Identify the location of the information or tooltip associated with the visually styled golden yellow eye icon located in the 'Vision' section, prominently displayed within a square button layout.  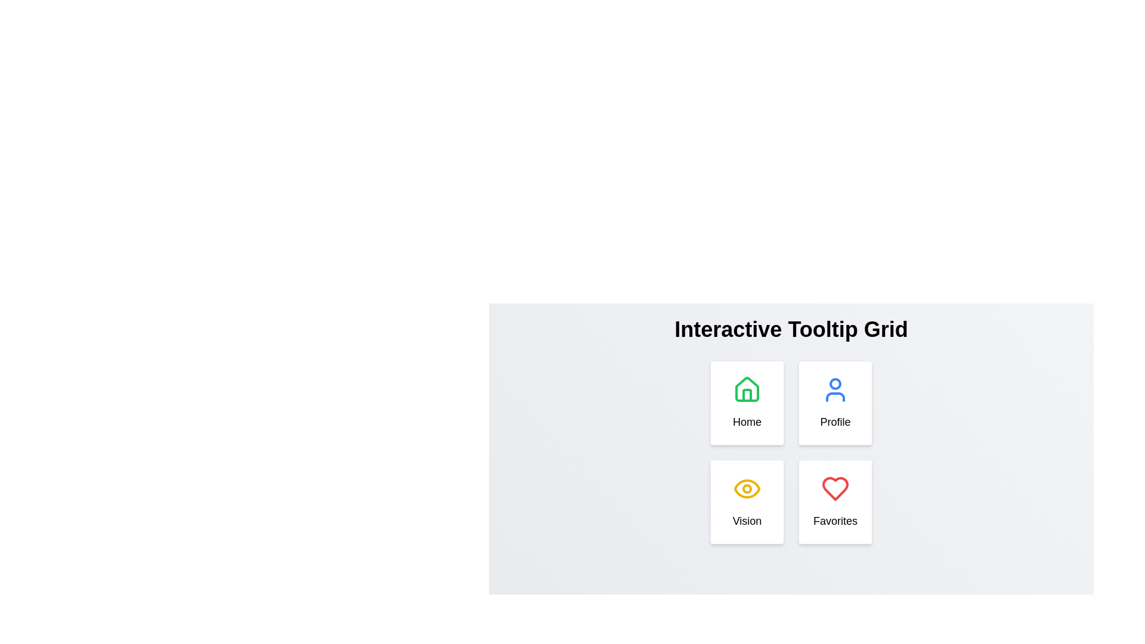
(746, 489).